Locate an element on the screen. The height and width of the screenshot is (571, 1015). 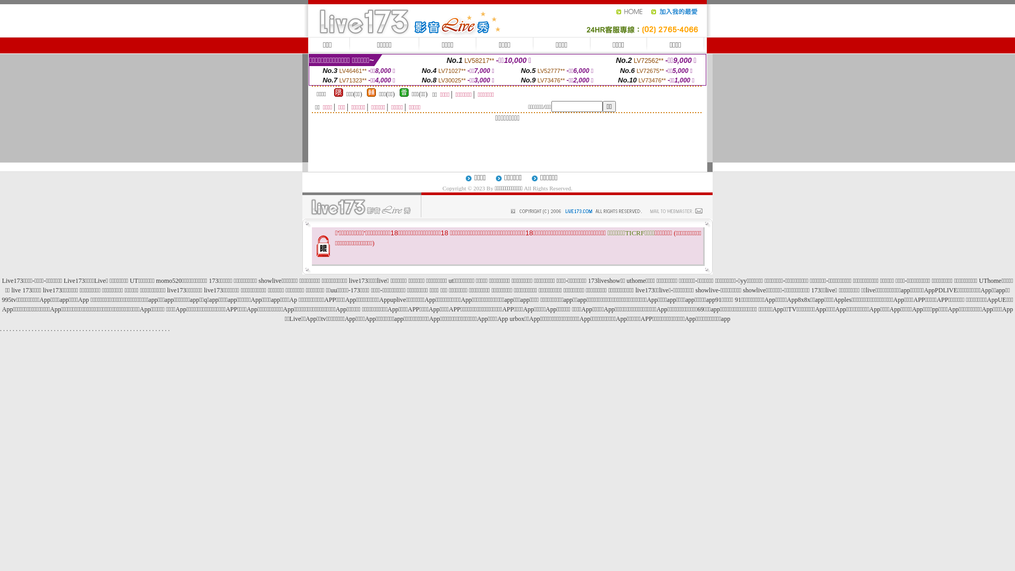
'.' is located at coordinates (4, 328).